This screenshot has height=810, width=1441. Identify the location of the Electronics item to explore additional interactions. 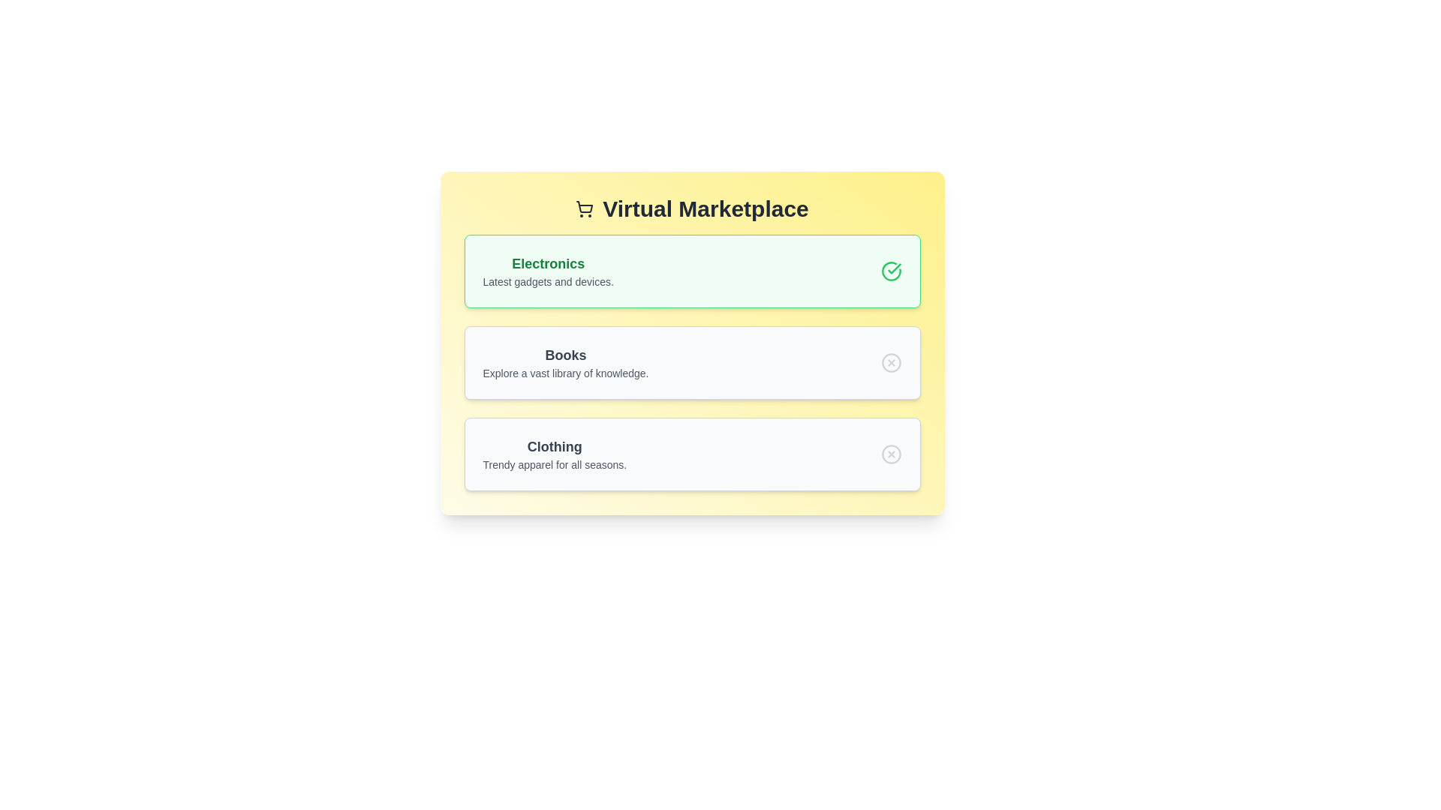
(691, 271).